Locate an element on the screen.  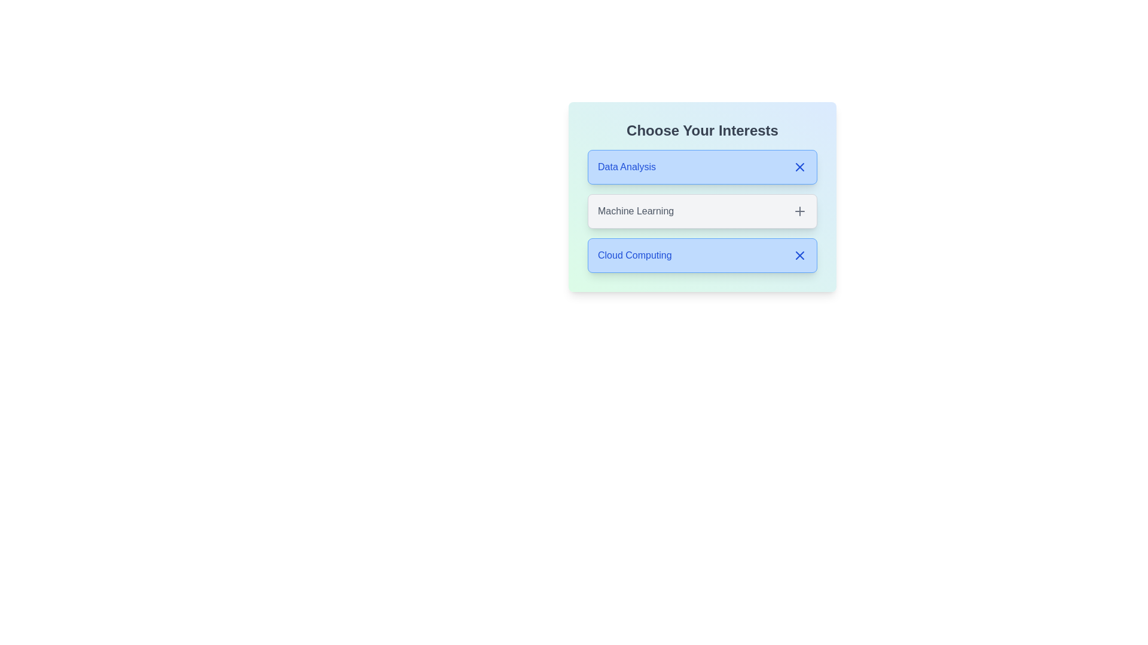
the tag Machine Learning by clicking on it is located at coordinates (703, 211).